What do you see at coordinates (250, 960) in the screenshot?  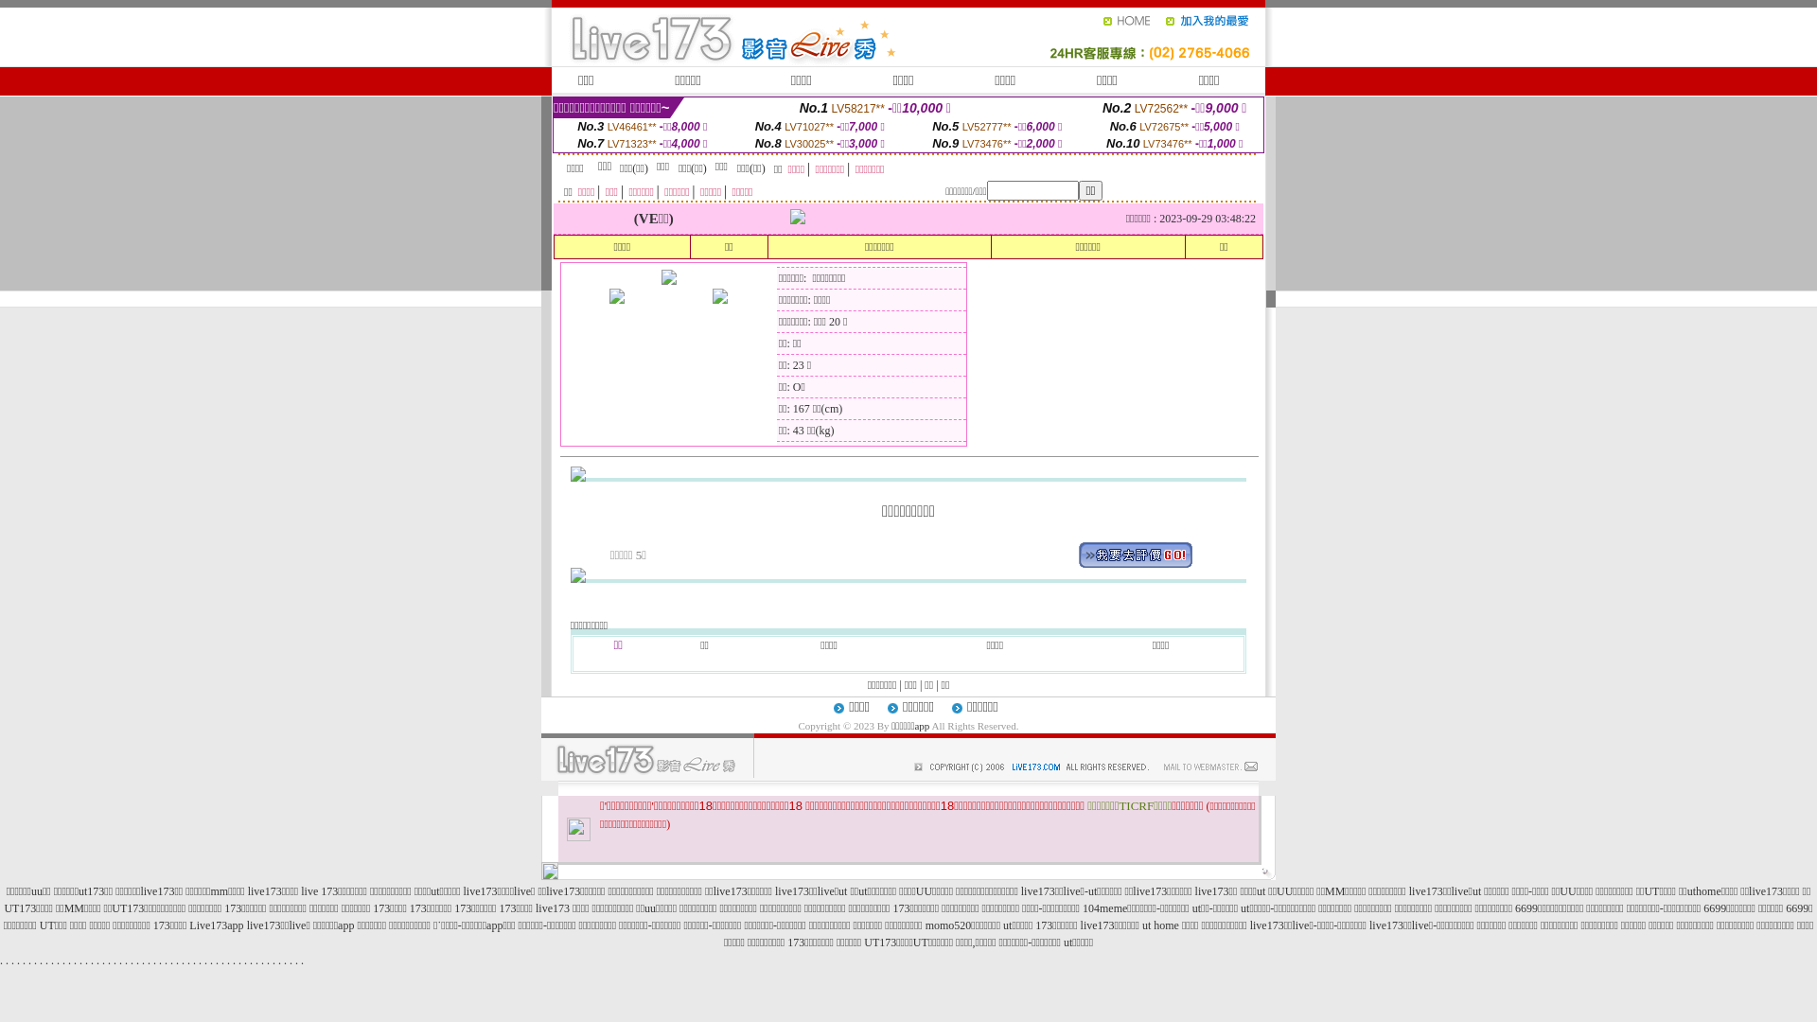 I see `'.'` at bounding box center [250, 960].